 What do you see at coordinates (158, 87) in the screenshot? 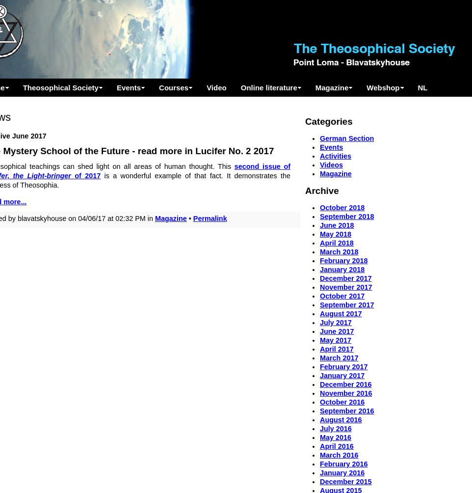
I see `'Courses'` at bounding box center [158, 87].